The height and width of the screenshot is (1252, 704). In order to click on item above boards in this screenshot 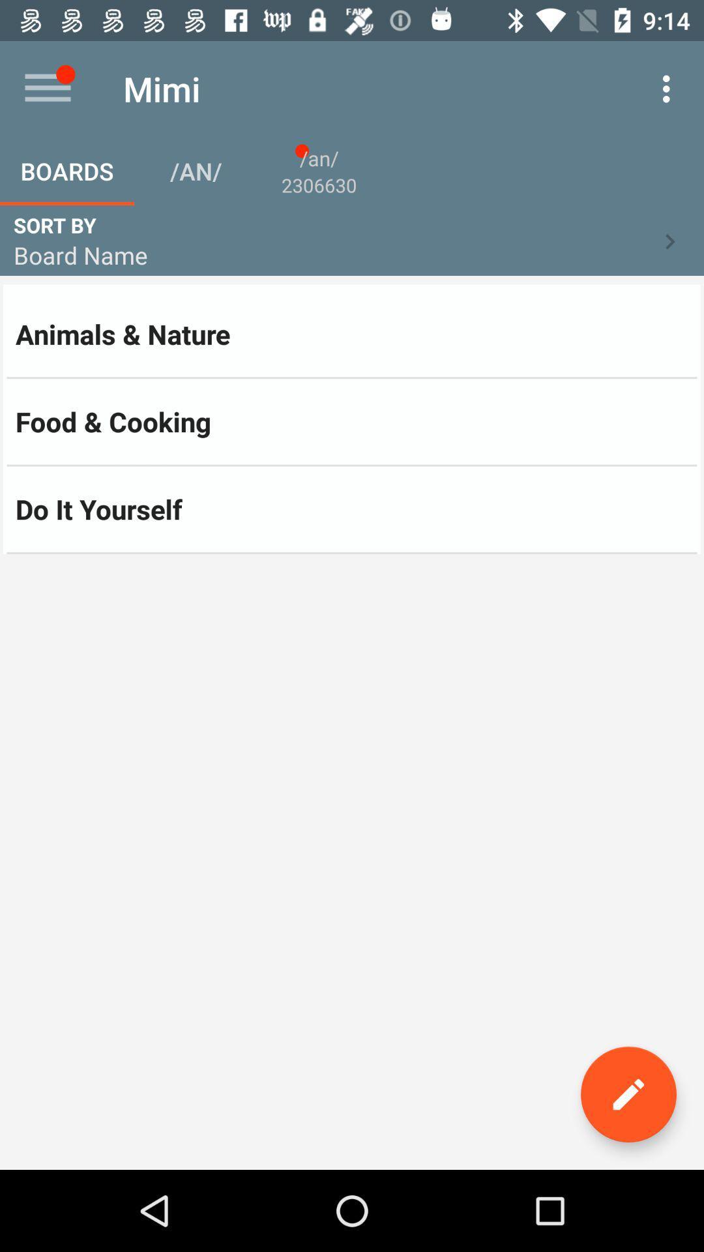, I will do `click(47, 88)`.